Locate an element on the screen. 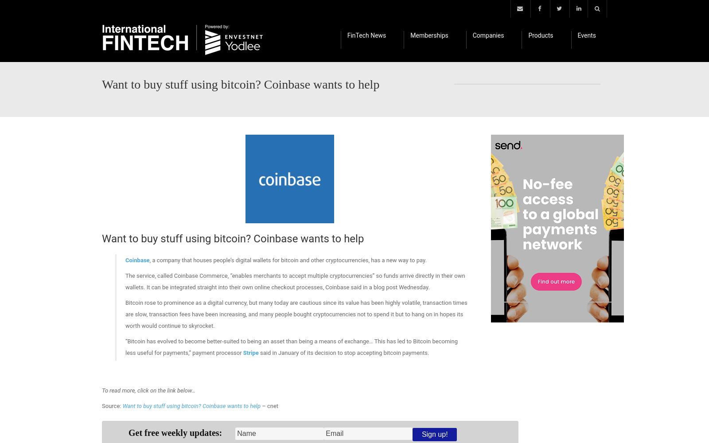 This screenshot has width=709, height=443. 'Coinbase' is located at coordinates (137, 260).